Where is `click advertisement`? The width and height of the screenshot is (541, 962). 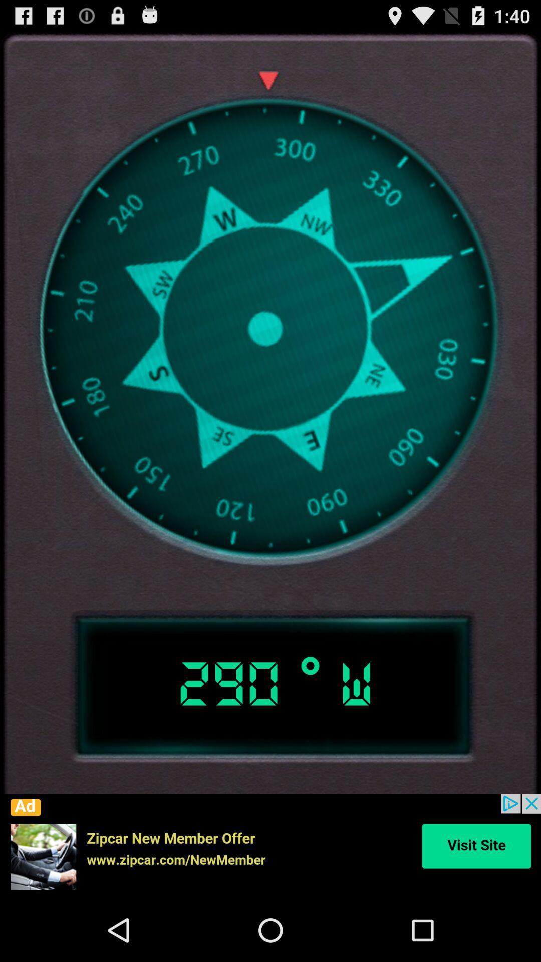
click advertisement is located at coordinates (270, 846).